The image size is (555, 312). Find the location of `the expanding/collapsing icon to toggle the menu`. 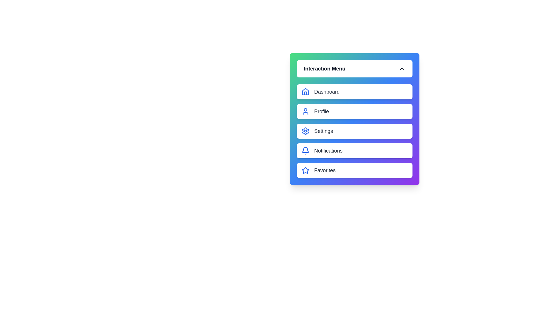

the expanding/collapsing icon to toggle the menu is located at coordinates (402, 68).